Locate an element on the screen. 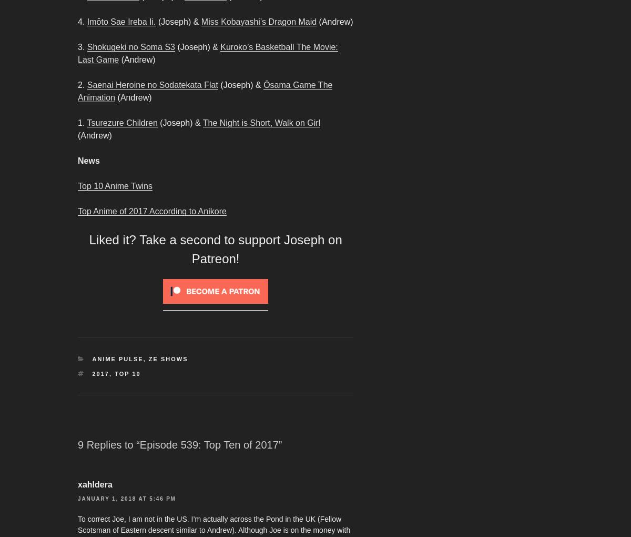  'Top Anime of 2017 According to Anikore' is located at coordinates (151, 211).